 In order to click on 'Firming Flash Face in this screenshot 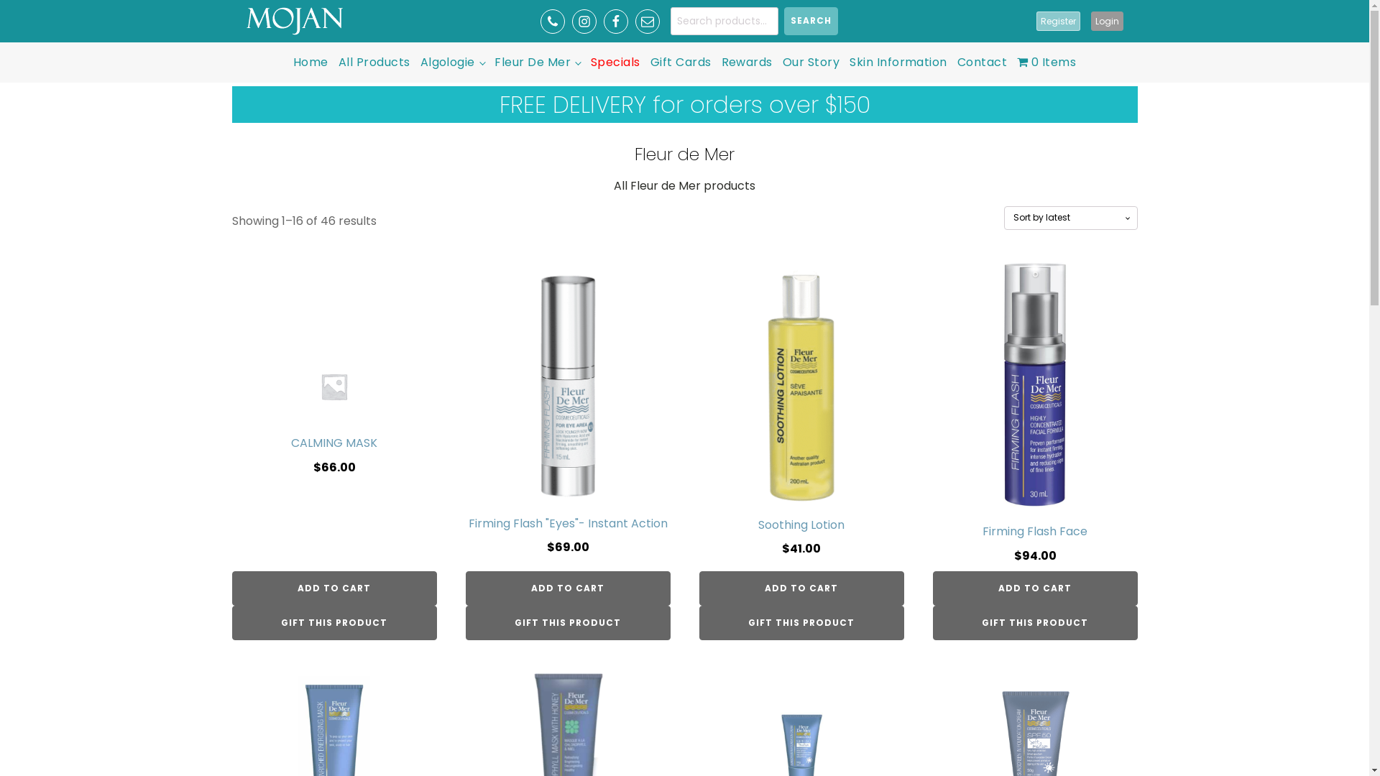, I will do `click(1035, 416)`.